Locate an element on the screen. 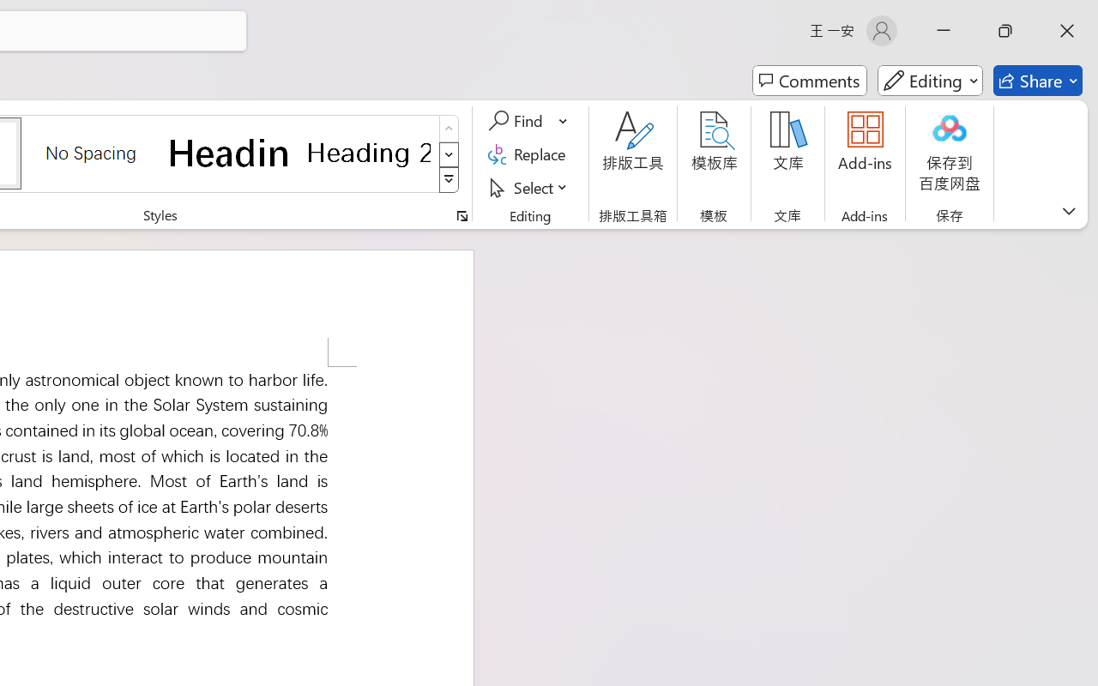 The height and width of the screenshot is (686, 1098). 'Heading 1' is located at coordinates (229, 152).